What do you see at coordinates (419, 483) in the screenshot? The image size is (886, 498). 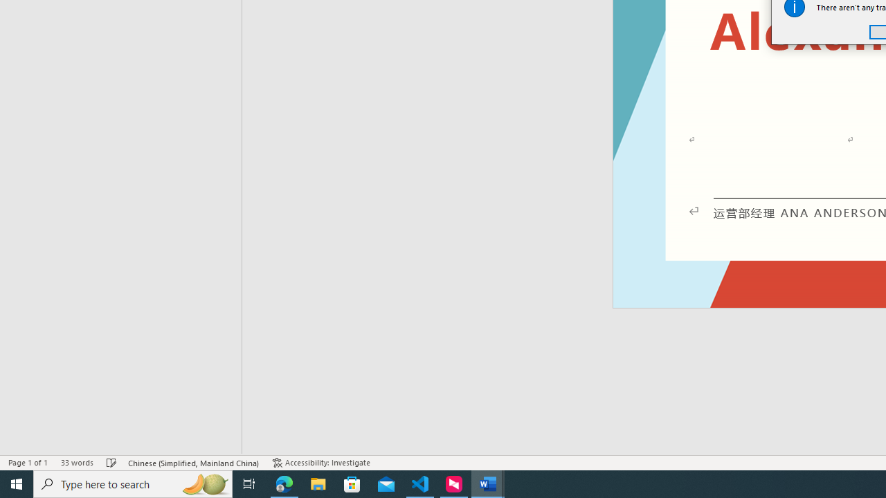 I see `'Visual Studio Code - 1 running window'` at bounding box center [419, 483].